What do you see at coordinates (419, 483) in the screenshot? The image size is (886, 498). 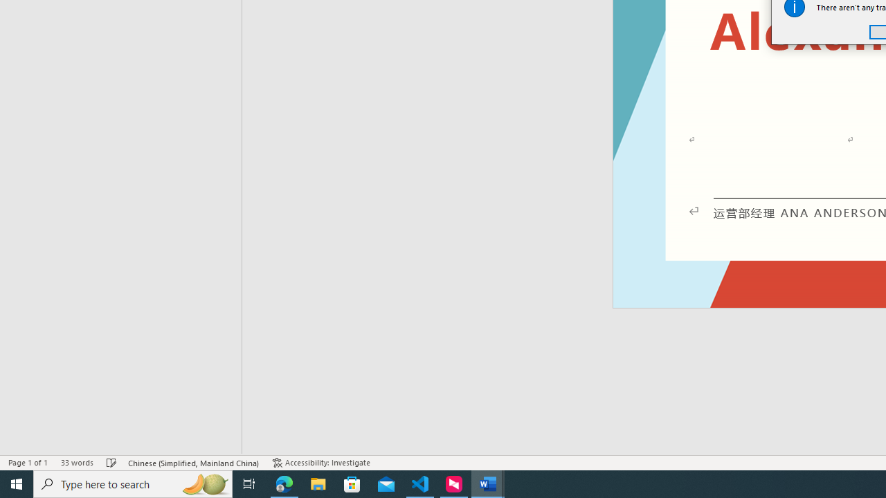 I see `'Visual Studio Code - 1 running window'` at bounding box center [419, 483].